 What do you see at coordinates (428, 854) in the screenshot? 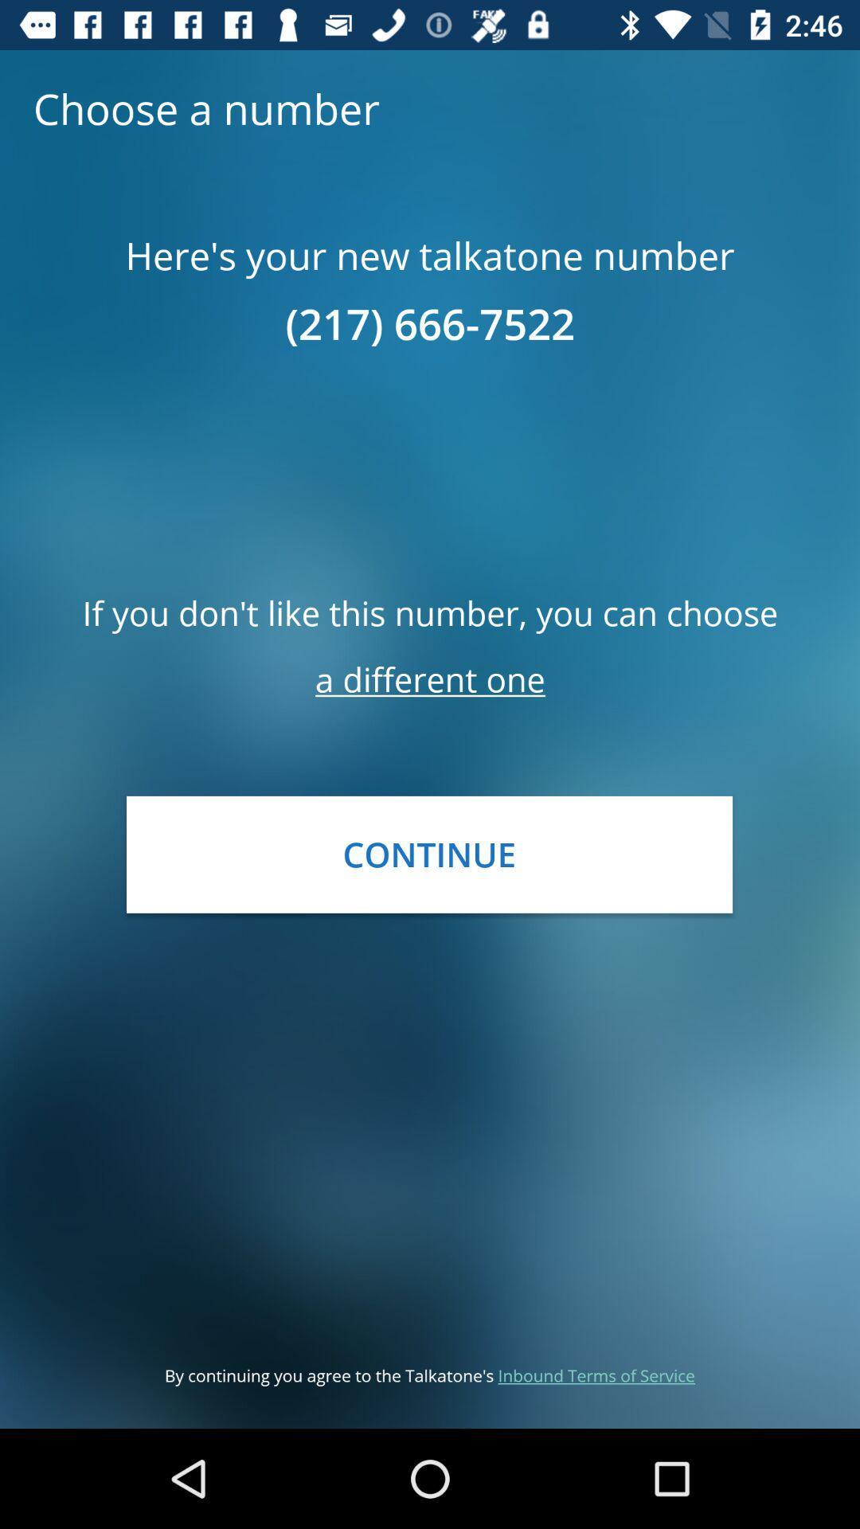
I see `continue item` at bounding box center [428, 854].